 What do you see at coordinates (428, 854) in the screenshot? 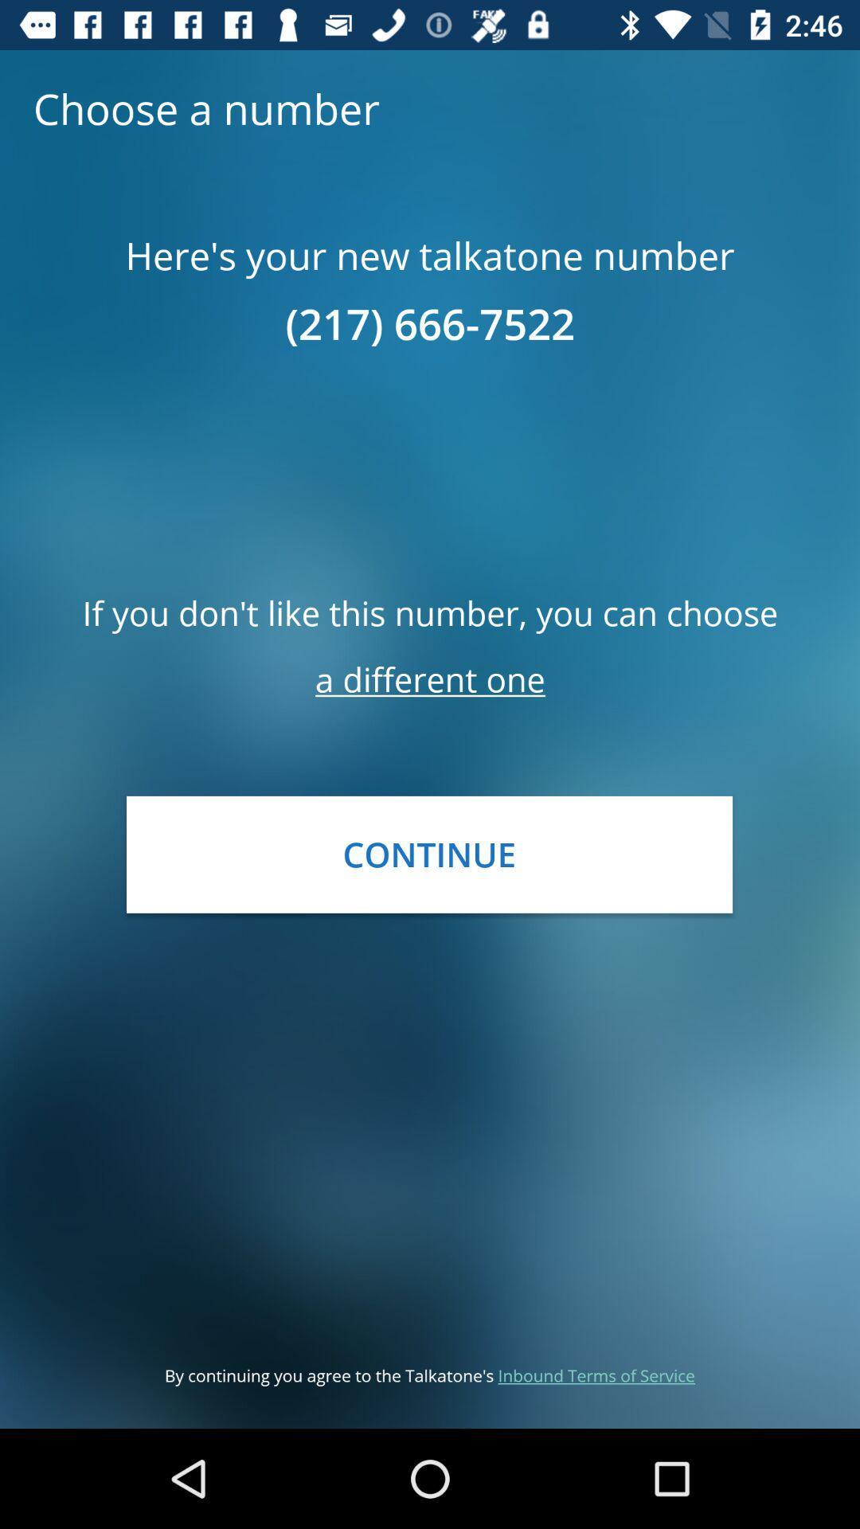
I see `continue item` at bounding box center [428, 854].